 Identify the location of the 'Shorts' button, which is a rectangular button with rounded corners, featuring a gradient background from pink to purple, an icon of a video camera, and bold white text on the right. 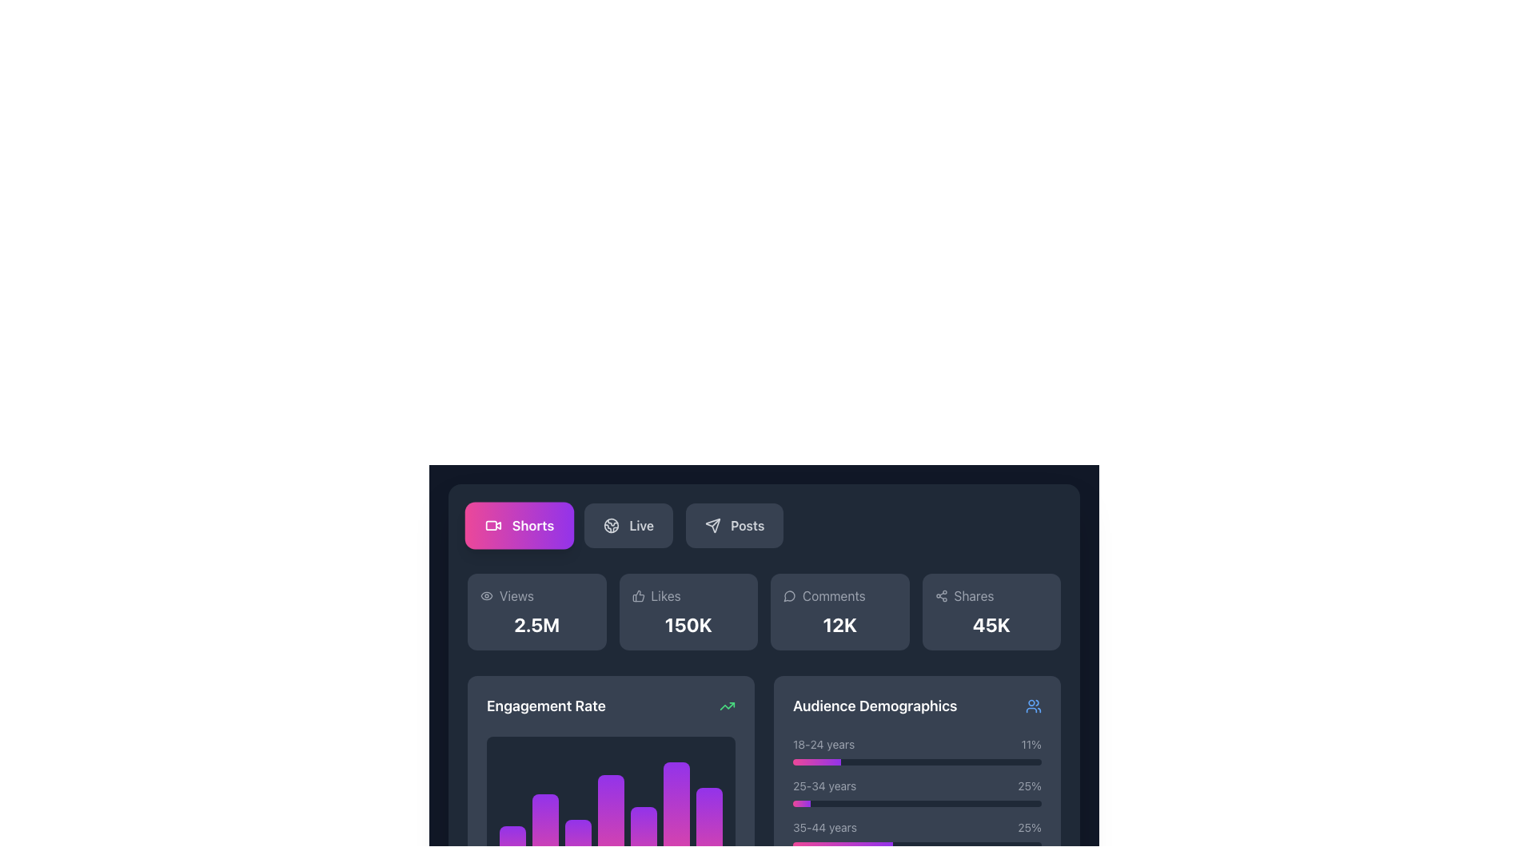
(520, 526).